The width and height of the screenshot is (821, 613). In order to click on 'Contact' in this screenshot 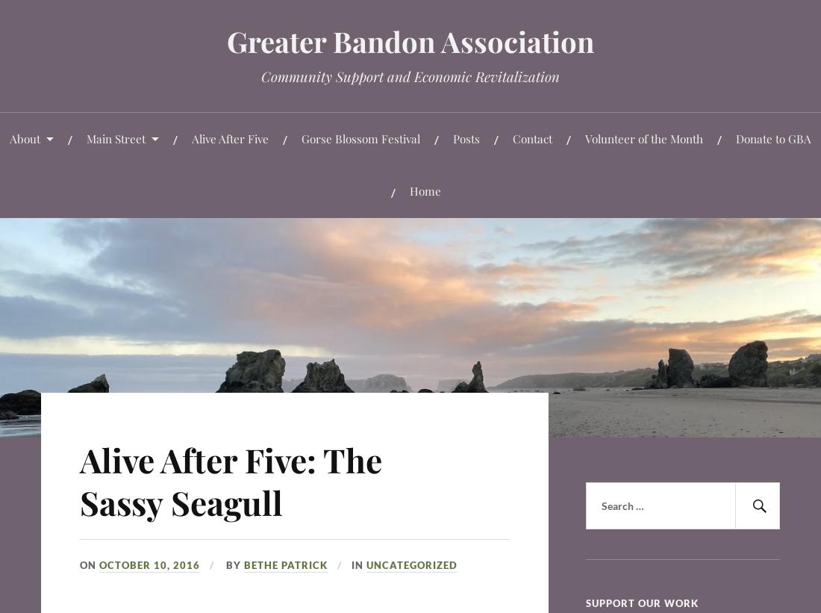, I will do `click(531, 137)`.